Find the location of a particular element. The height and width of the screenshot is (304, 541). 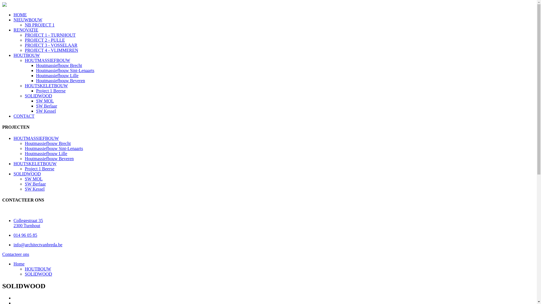

'Houtmassiefbouw Brecht' is located at coordinates (48, 143).